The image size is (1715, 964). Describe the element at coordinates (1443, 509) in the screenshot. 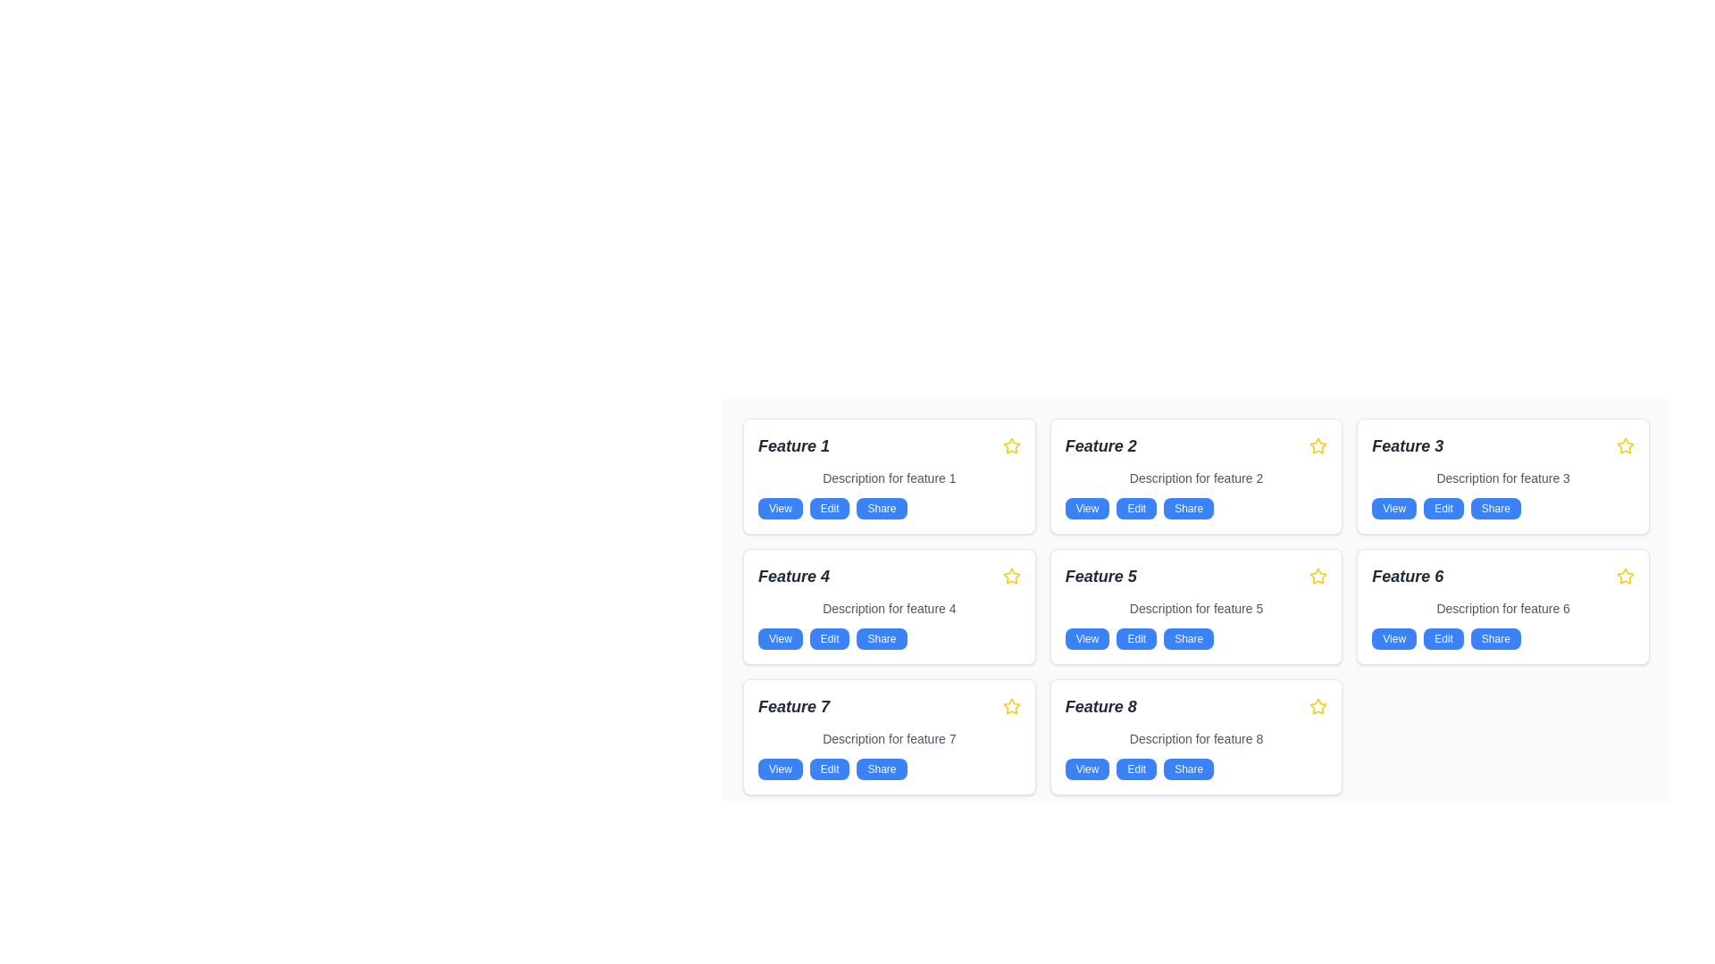

I see `the 'Edit' button with a bright blue background and white text, located in the 'Feature 3' section of the UI` at that location.